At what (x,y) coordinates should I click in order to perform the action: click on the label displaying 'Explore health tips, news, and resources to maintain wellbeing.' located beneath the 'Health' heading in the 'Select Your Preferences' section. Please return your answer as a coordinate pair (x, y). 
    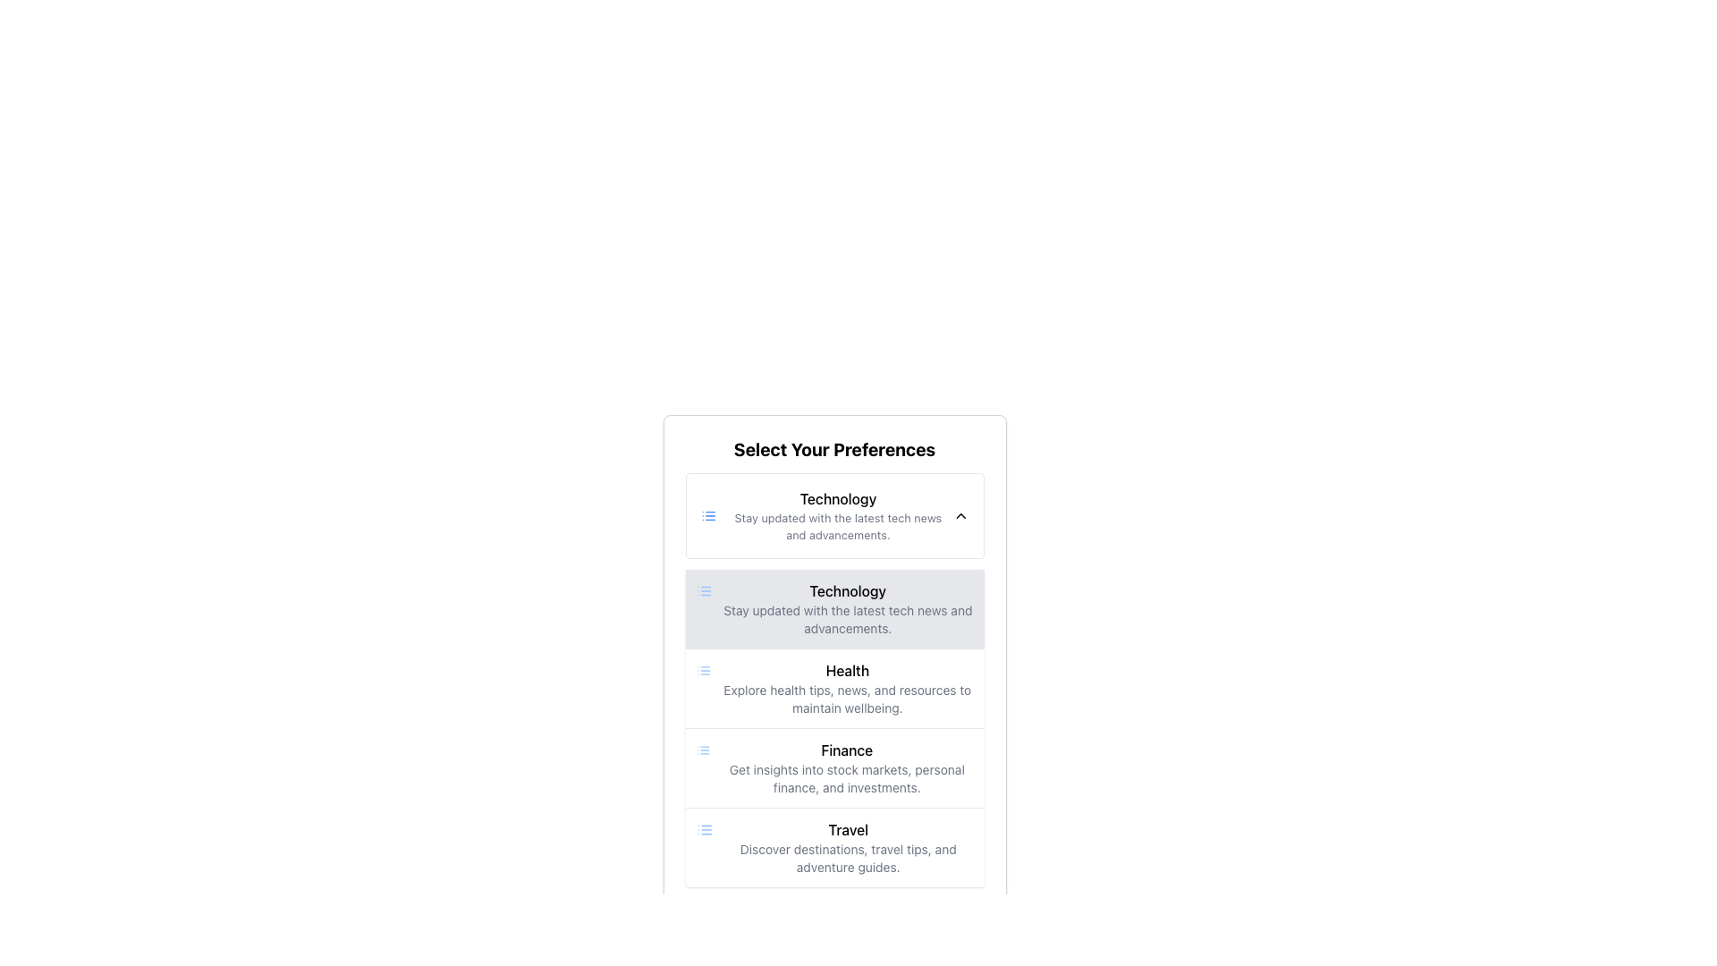
    Looking at the image, I should click on (846, 699).